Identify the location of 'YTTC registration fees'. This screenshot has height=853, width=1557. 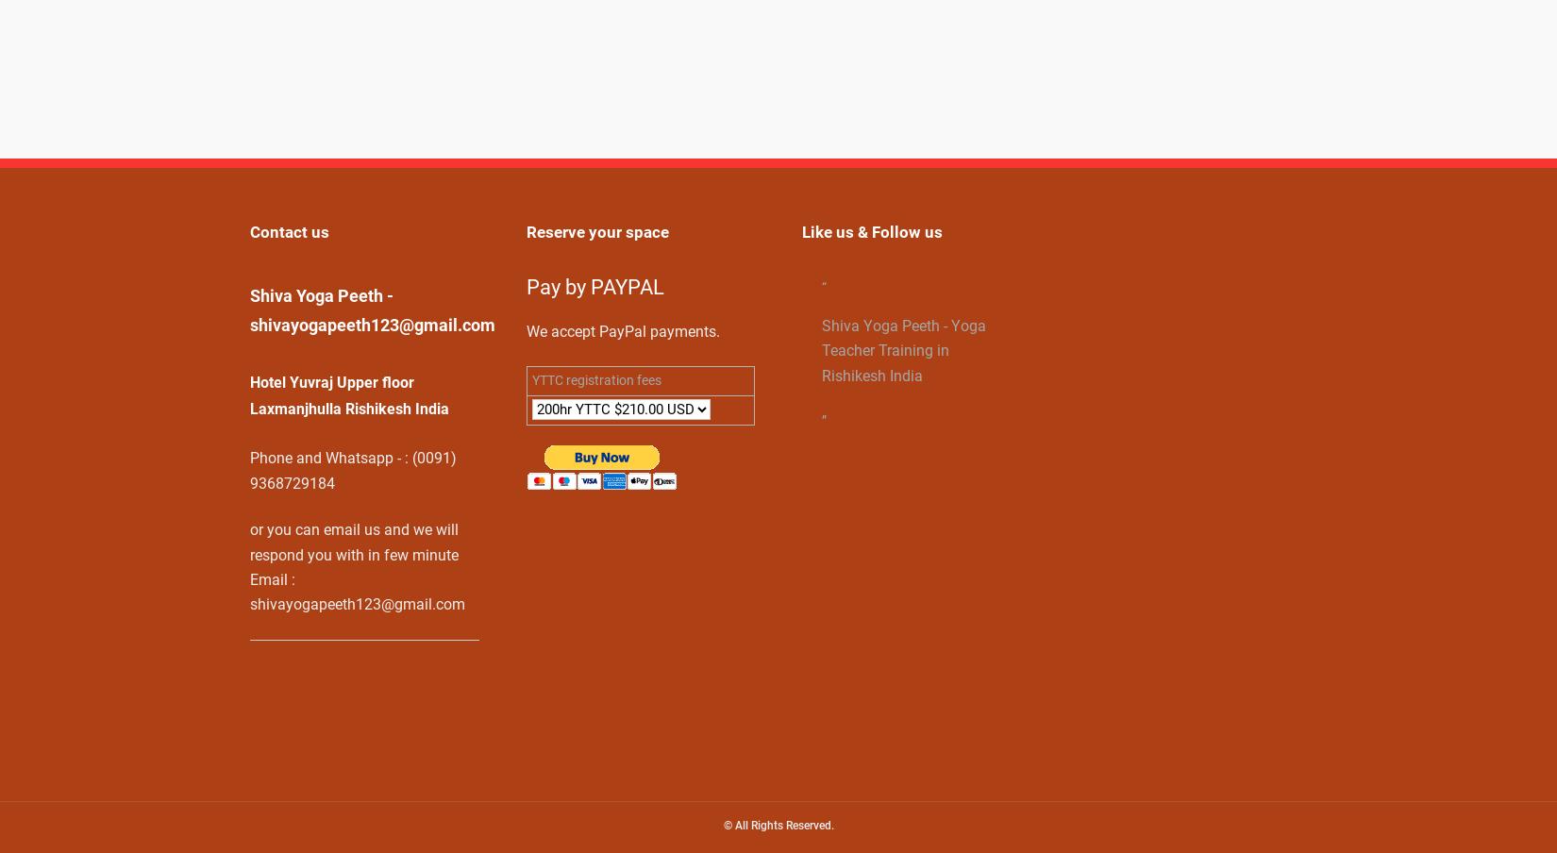
(594, 380).